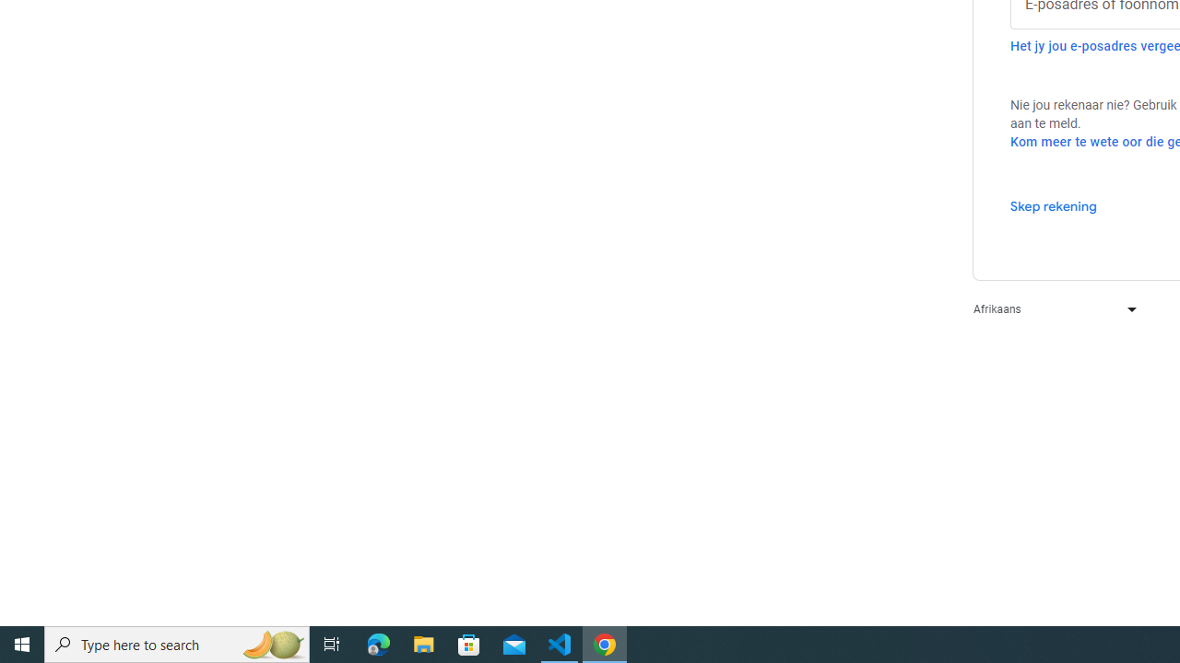 The width and height of the screenshot is (1180, 663). I want to click on 'Start', so click(22, 643).